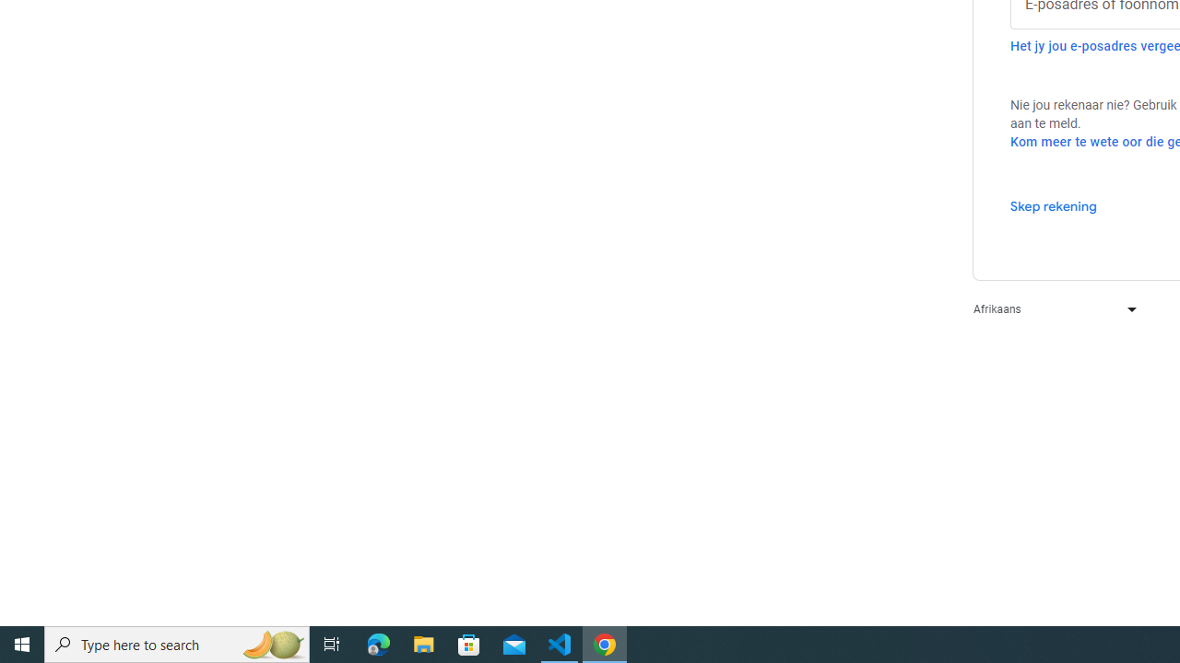 The width and height of the screenshot is (1180, 663). I want to click on 'Start', so click(22, 643).